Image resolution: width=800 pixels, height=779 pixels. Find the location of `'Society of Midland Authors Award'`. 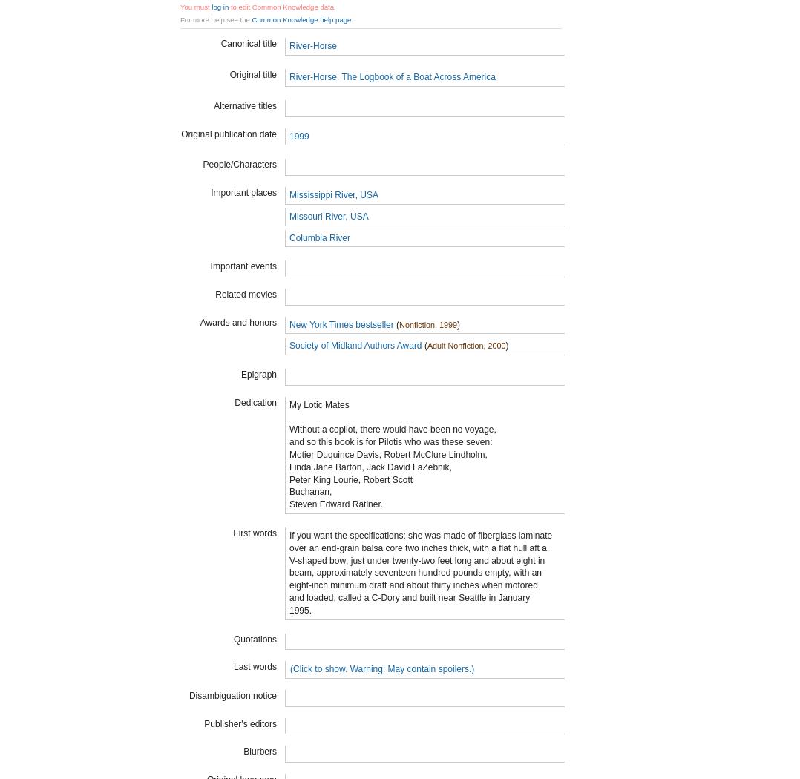

'Society of Midland Authors Award' is located at coordinates (354, 345).